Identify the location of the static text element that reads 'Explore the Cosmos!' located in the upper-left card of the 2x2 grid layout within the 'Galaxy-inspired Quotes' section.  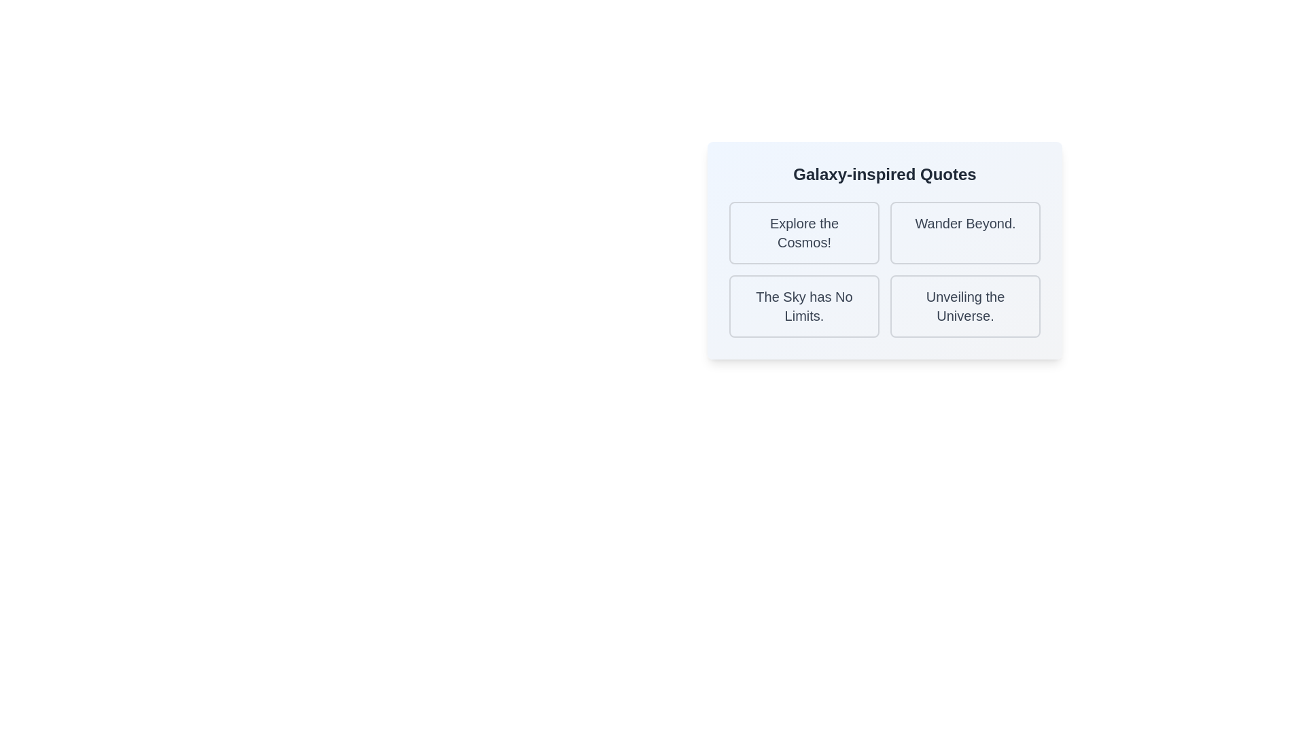
(804, 232).